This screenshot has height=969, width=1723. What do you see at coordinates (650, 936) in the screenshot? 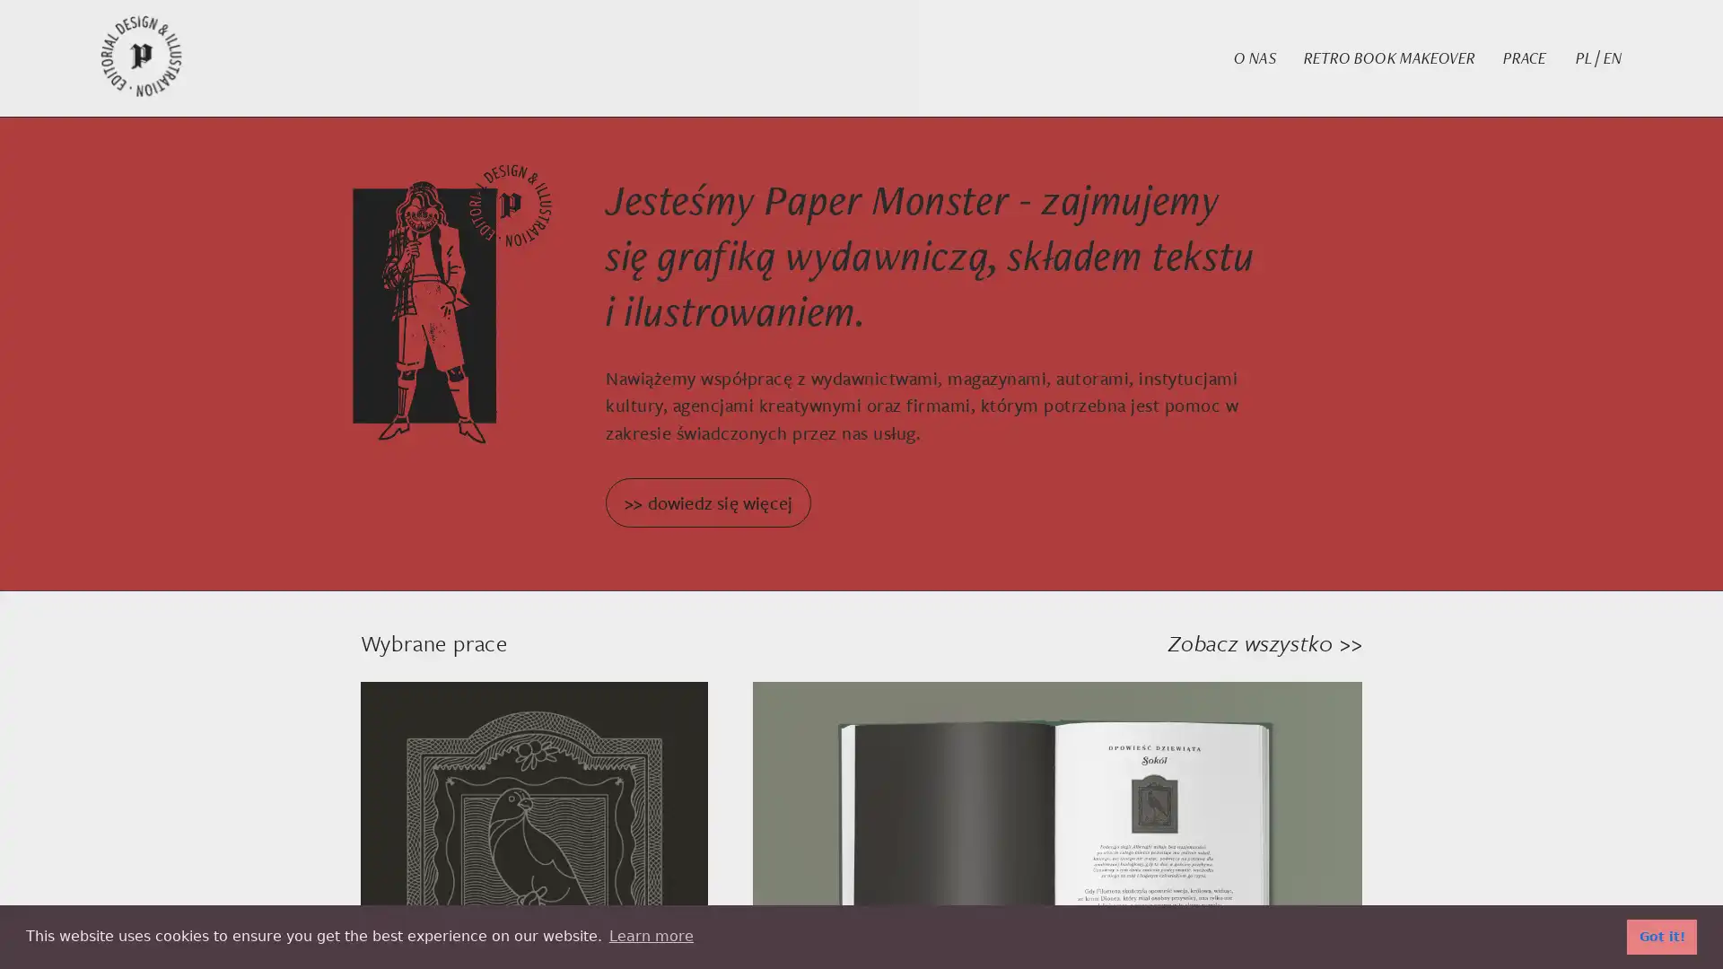
I see `learn more about cookies` at bounding box center [650, 936].